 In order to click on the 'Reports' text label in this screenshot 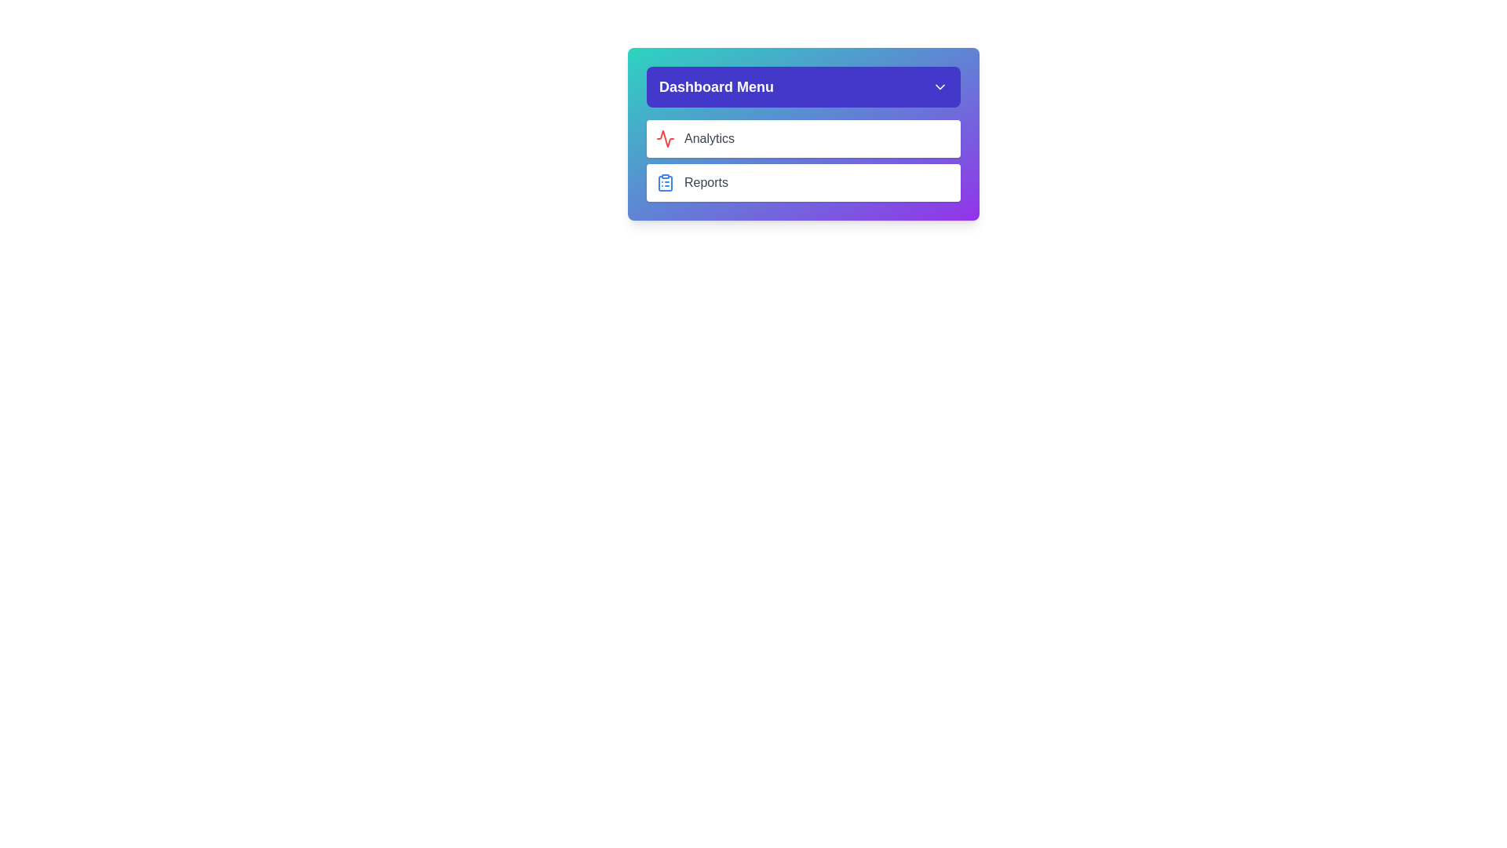, I will do `click(706, 181)`.